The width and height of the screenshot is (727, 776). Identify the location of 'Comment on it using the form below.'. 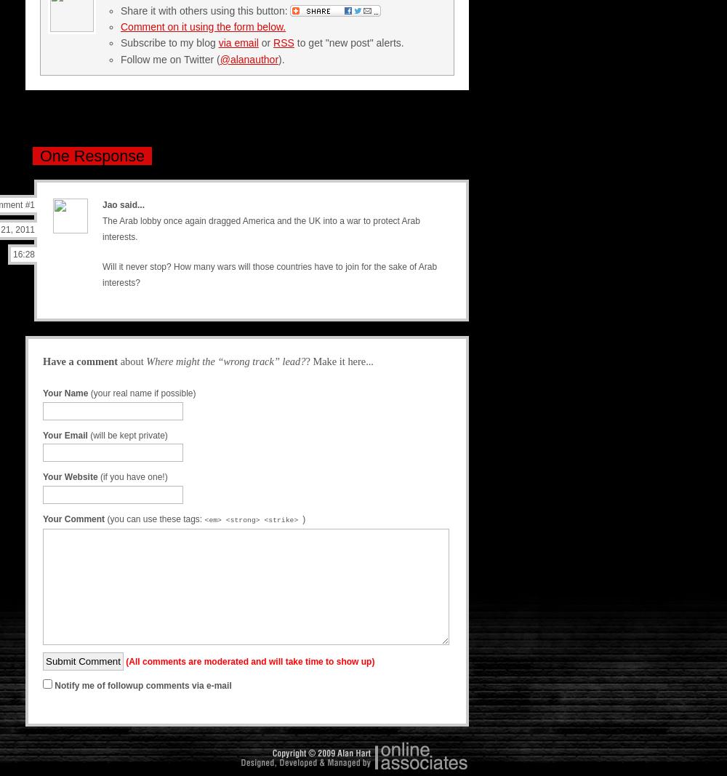
(203, 25).